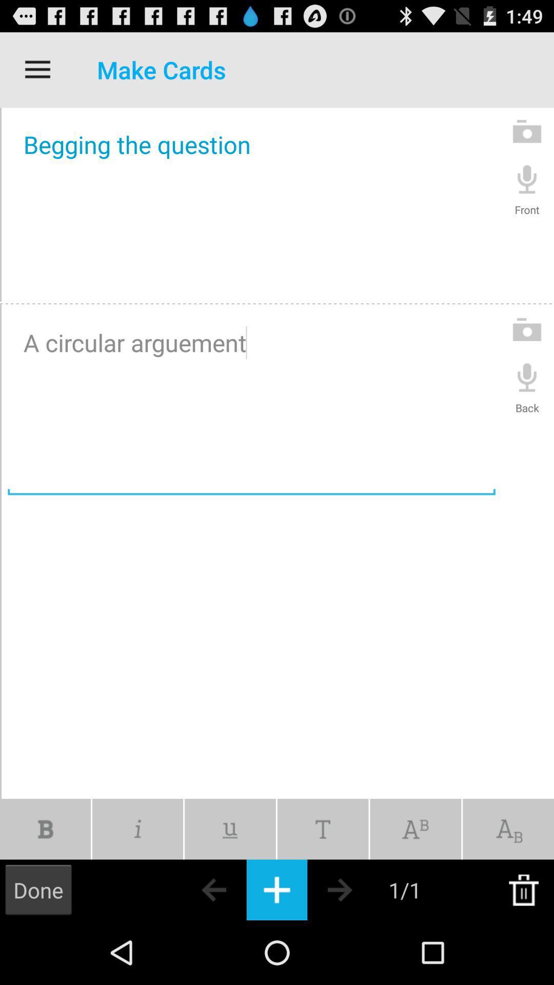 The height and width of the screenshot is (985, 554). Describe the element at coordinates (523, 889) in the screenshot. I see `delete the argument` at that location.